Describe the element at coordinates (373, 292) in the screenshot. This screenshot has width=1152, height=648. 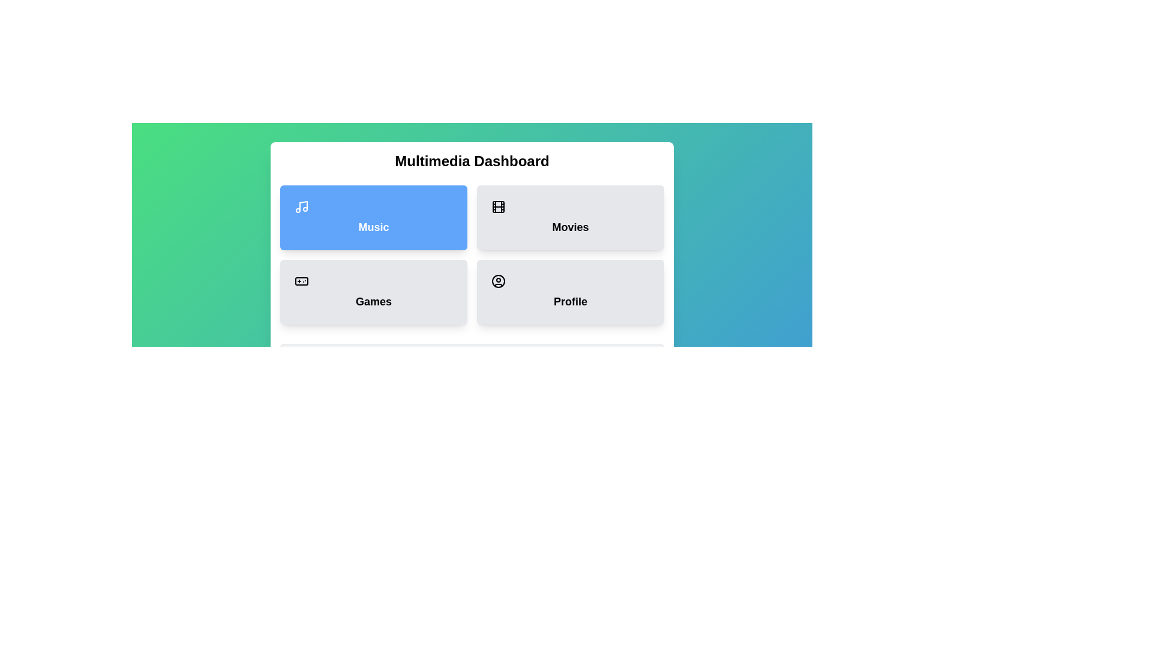
I see `the Games button to display its description` at that location.